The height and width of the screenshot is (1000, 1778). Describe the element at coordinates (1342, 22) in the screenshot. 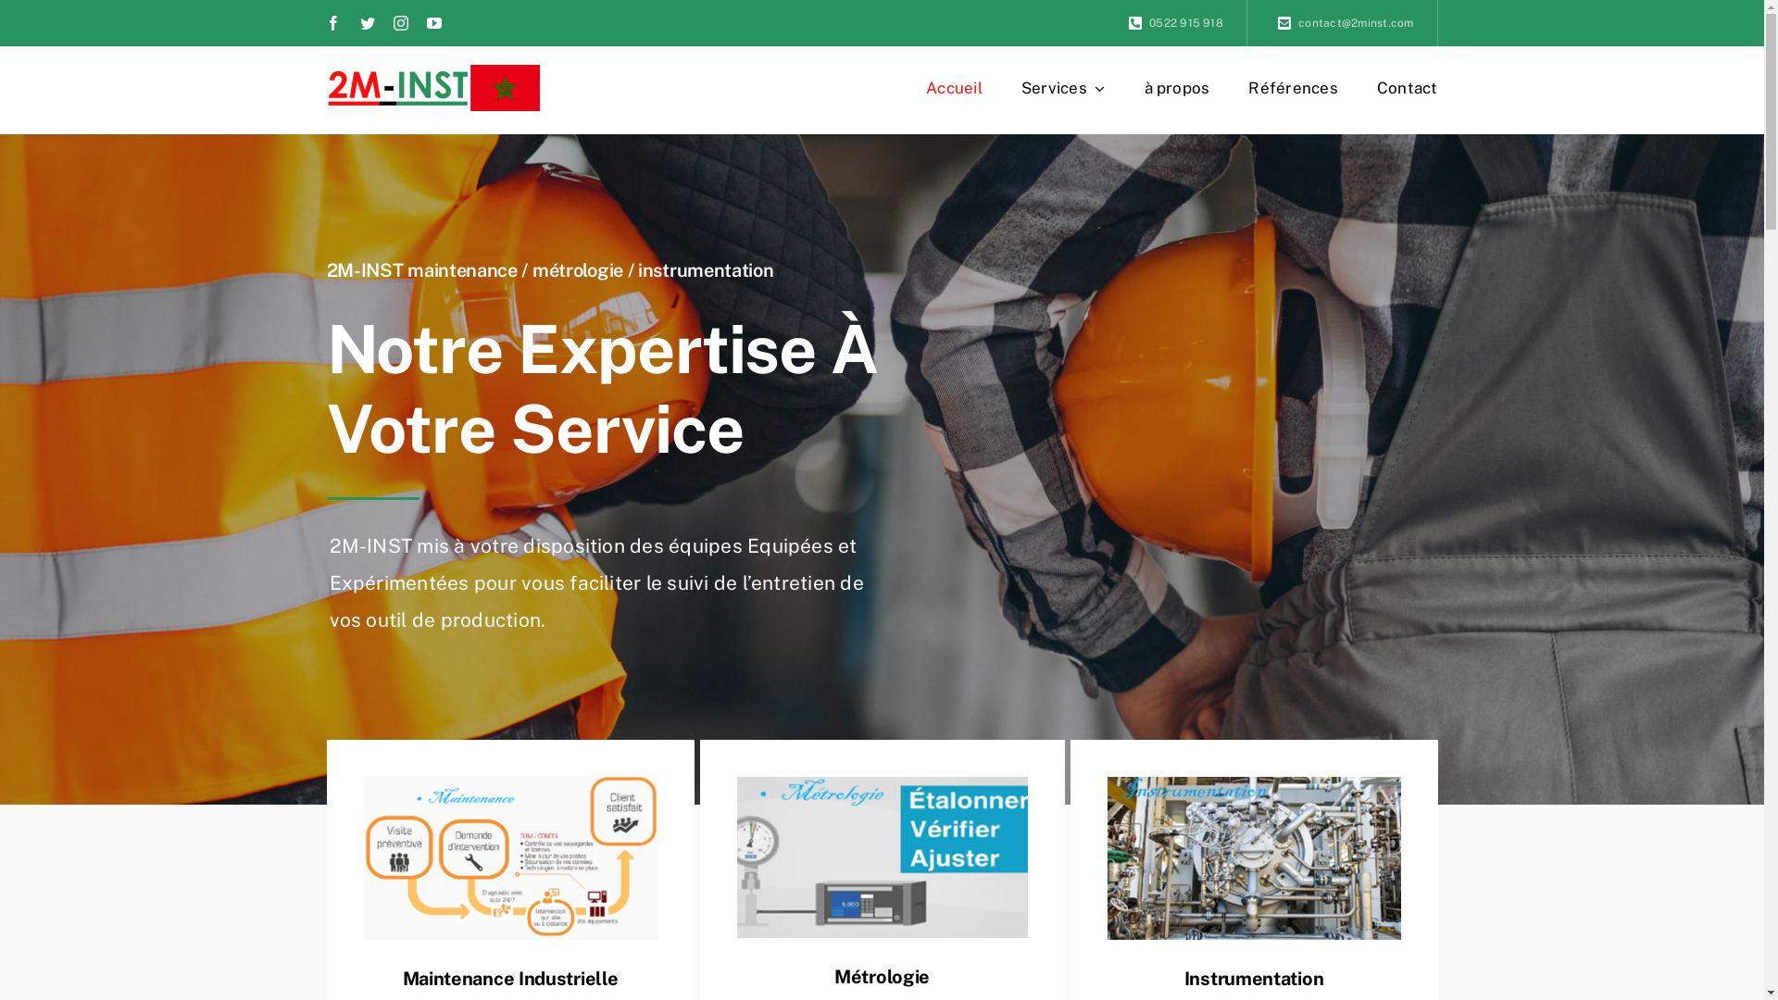

I see `'contact@2minst.com'` at that location.